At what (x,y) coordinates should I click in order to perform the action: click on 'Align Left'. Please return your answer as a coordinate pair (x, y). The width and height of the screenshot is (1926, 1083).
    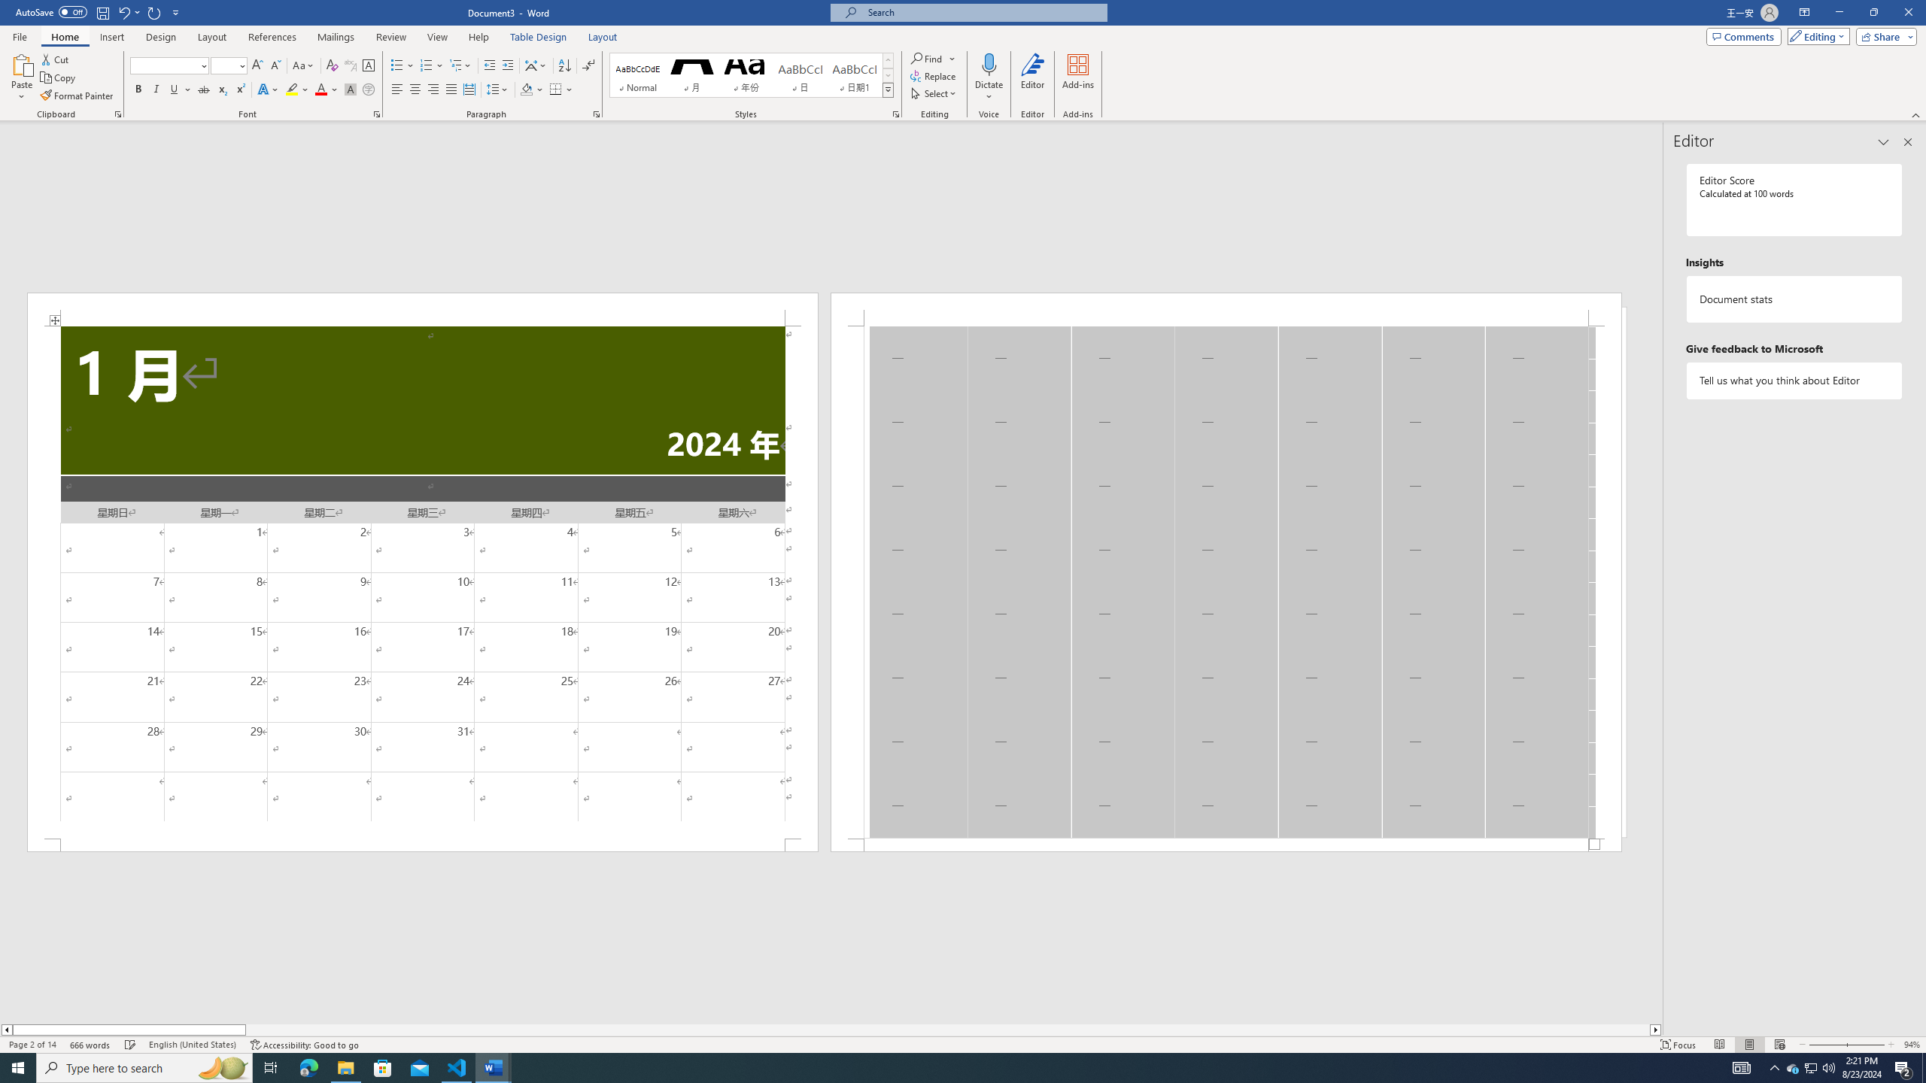
    Looking at the image, I should click on (396, 89).